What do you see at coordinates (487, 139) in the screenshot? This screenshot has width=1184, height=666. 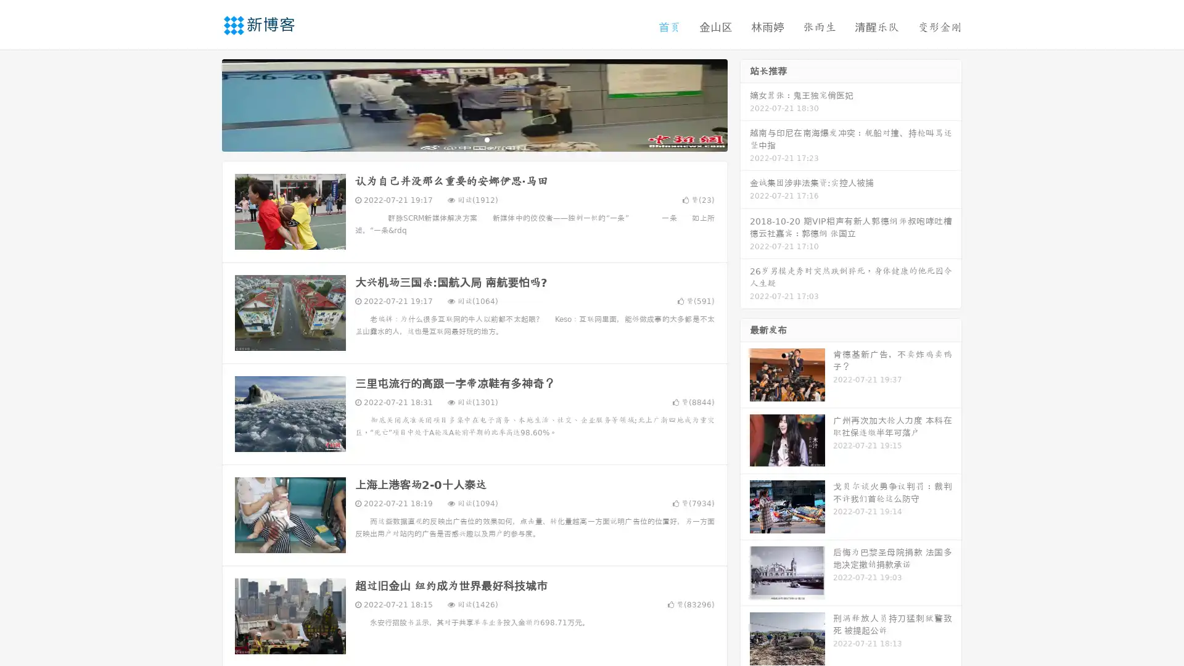 I see `Go to slide 3` at bounding box center [487, 139].